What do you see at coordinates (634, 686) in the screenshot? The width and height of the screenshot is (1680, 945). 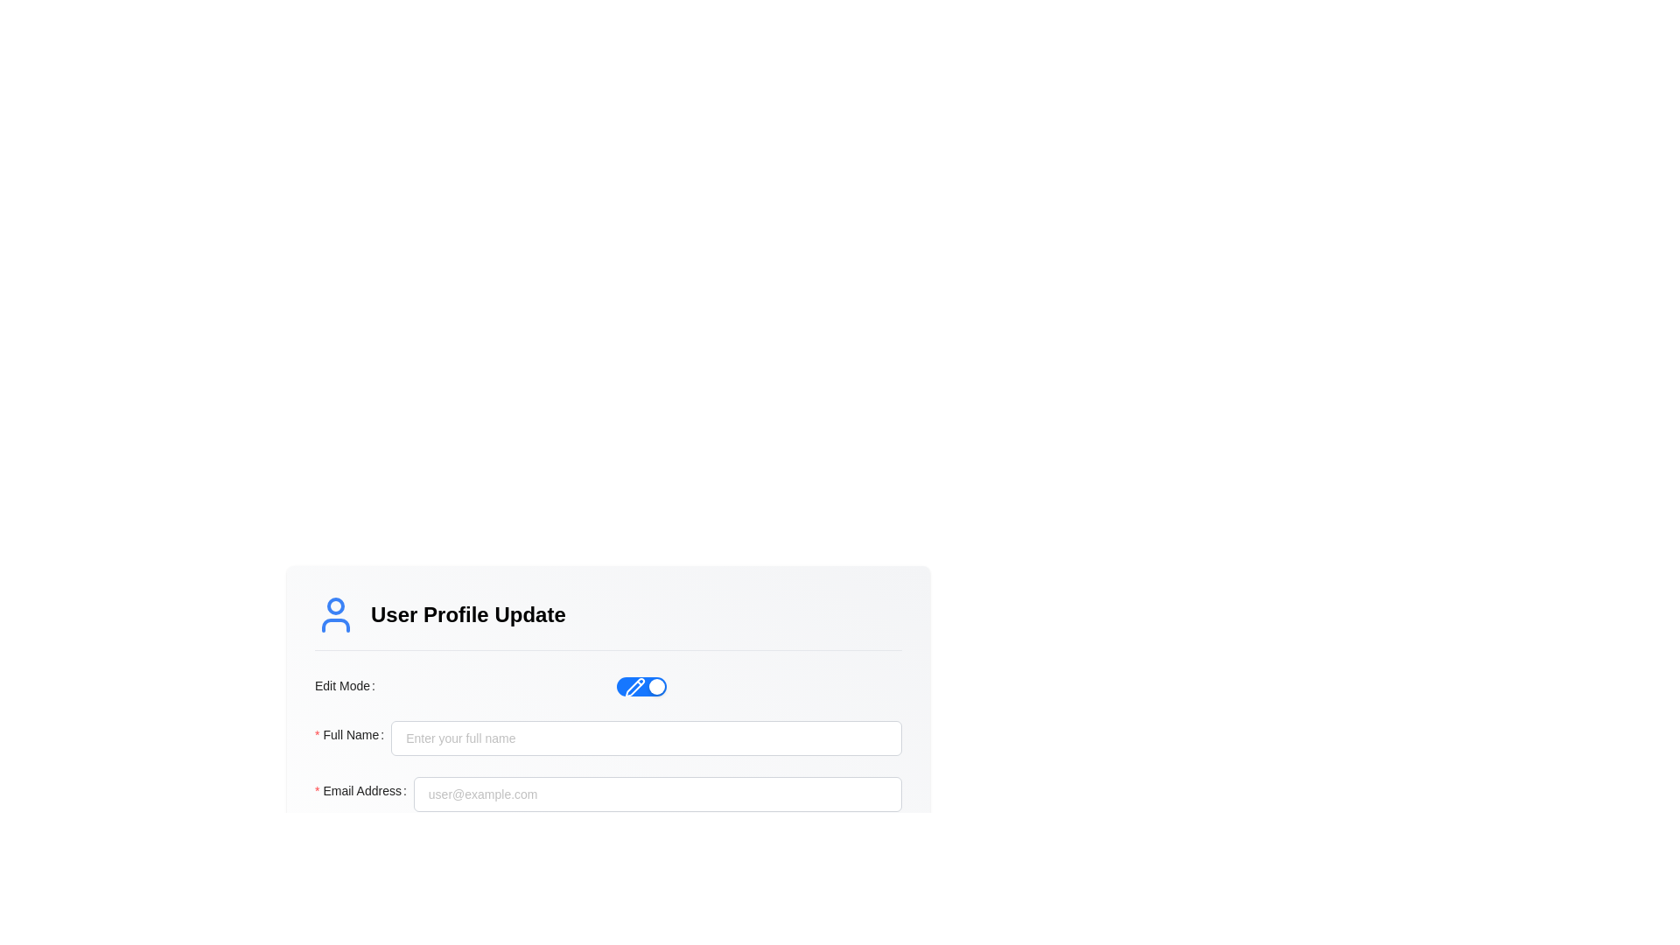 I see `the decorative icon within the 'Edit Mode' toggle switch located at the top center of the profile update form interface` at bounding box center [634, 686].